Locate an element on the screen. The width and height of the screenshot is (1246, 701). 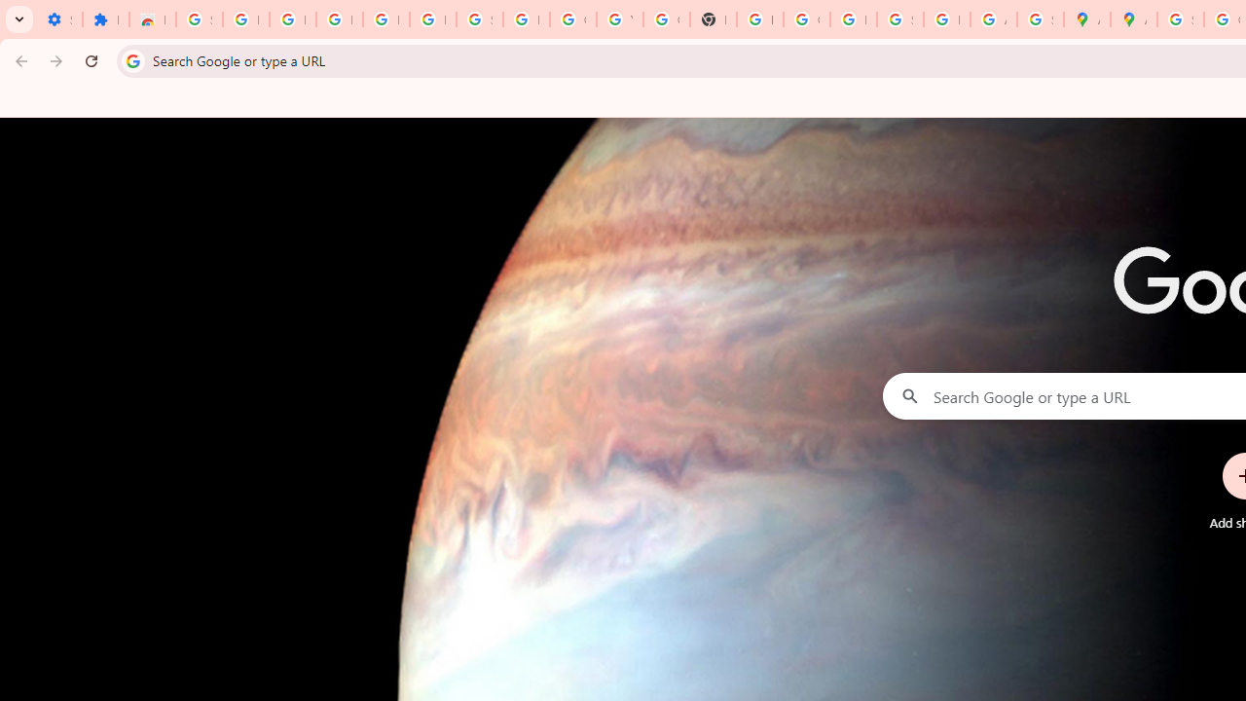
'Delete photos & videos - Computer - Google Photos Help' is located at coordinates (339, 19).